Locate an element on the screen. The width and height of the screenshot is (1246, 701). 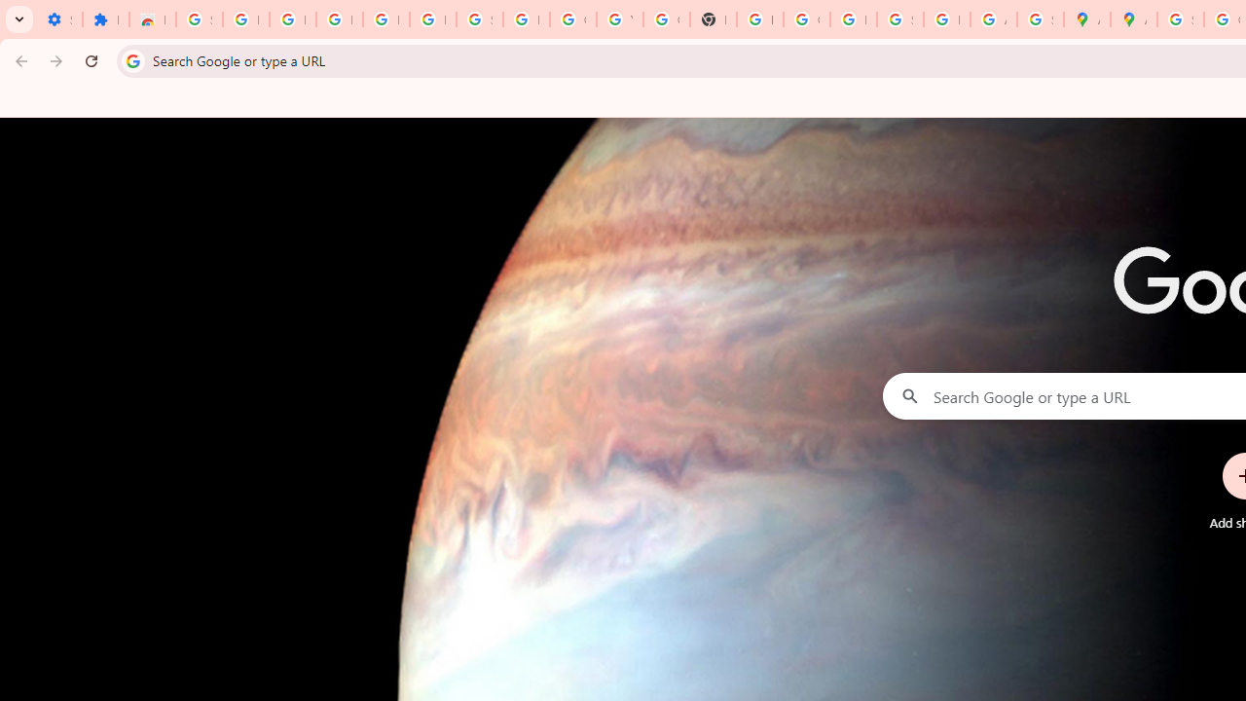
'Delete photos & videos - Computer - Google Photos Help' is located at coordinates (339, 19).